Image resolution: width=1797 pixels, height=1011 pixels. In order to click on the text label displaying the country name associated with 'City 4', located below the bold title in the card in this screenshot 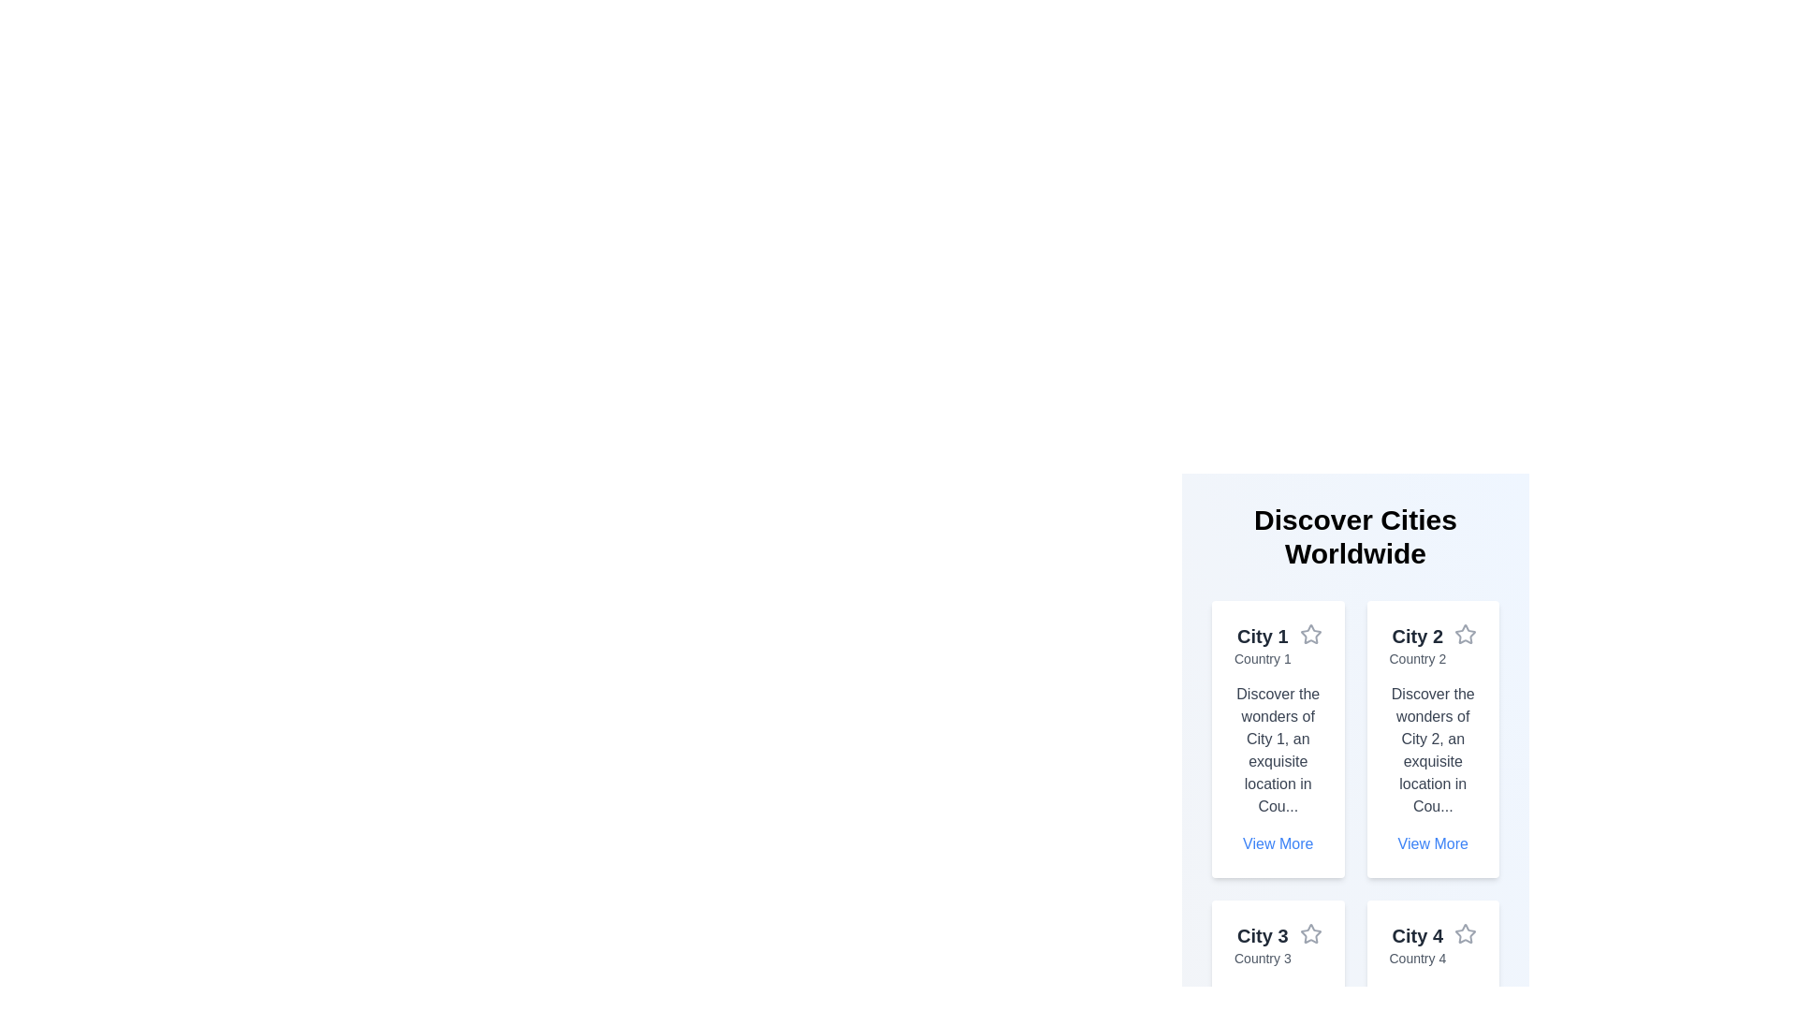, I will do `click(1417, 958)`.